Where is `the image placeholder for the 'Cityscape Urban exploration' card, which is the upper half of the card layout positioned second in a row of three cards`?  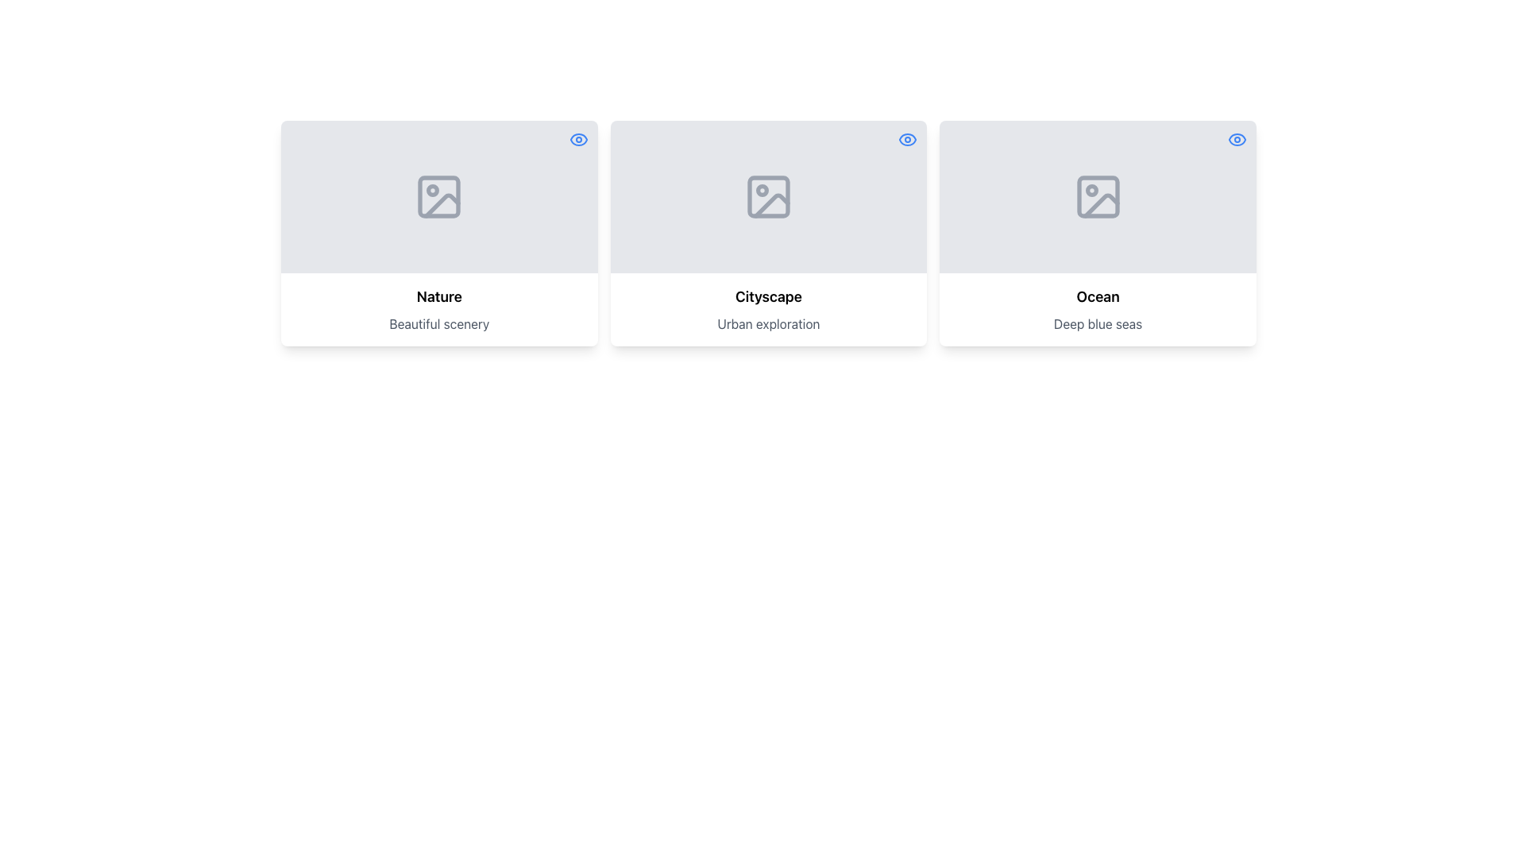 the image placeholder for the 'Cityscape Urban exploration' card, which is the upper half of the card layout positioned second in a row of three cards is located at coordinates (769, 195).